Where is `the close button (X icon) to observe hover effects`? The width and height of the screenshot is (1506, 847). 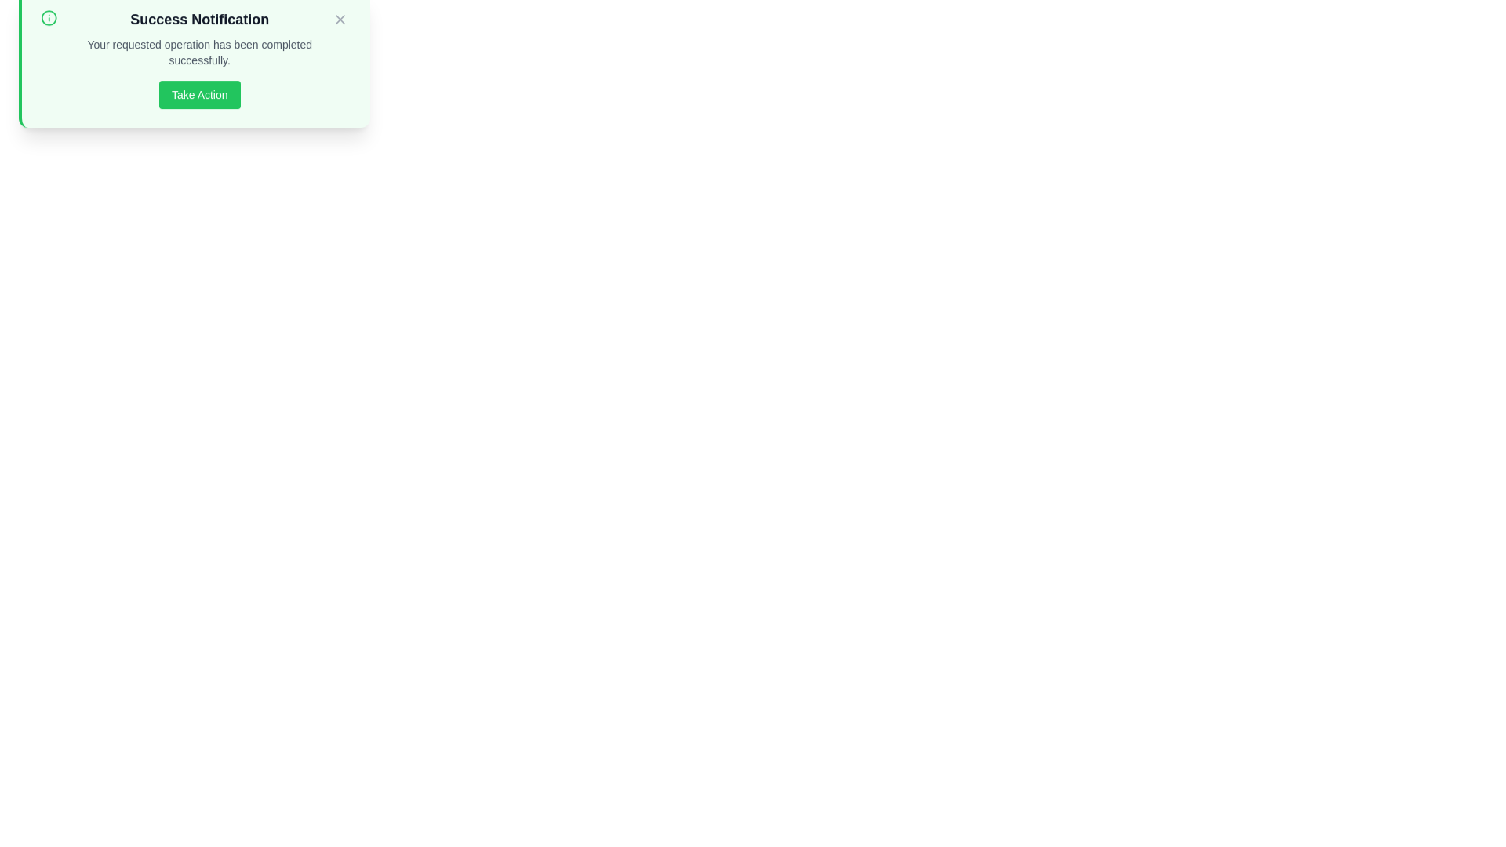
the close button (X icon) to observe hover effects is located at coordinates (339, 35).